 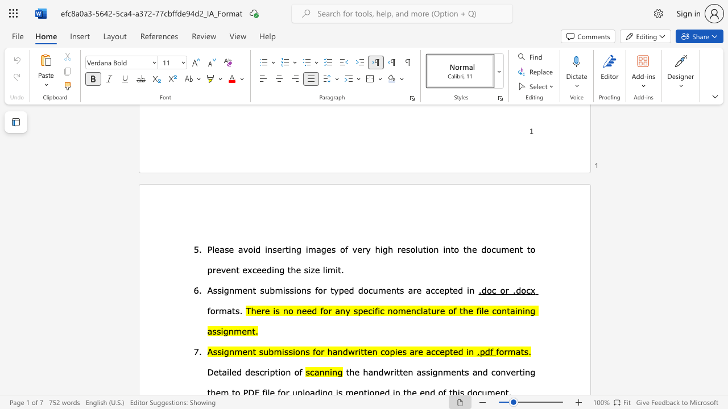 What do you see at coordinates (260, 310) in the screenshot?
I see `the subset text "re is no need for any specific nomenclat" within the text "There is no need for any specific nomenclature of the file"` at bounding box center [260, 310].